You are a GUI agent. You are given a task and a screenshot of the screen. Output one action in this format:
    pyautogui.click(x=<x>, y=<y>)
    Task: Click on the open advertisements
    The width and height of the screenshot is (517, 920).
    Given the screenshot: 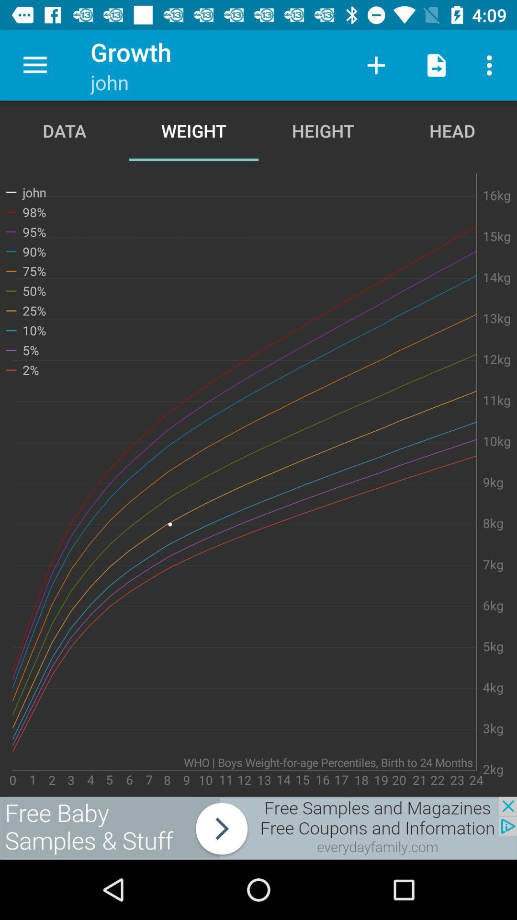 What is the action you would take?
    pyautogui.click(x=258, y=828)
    